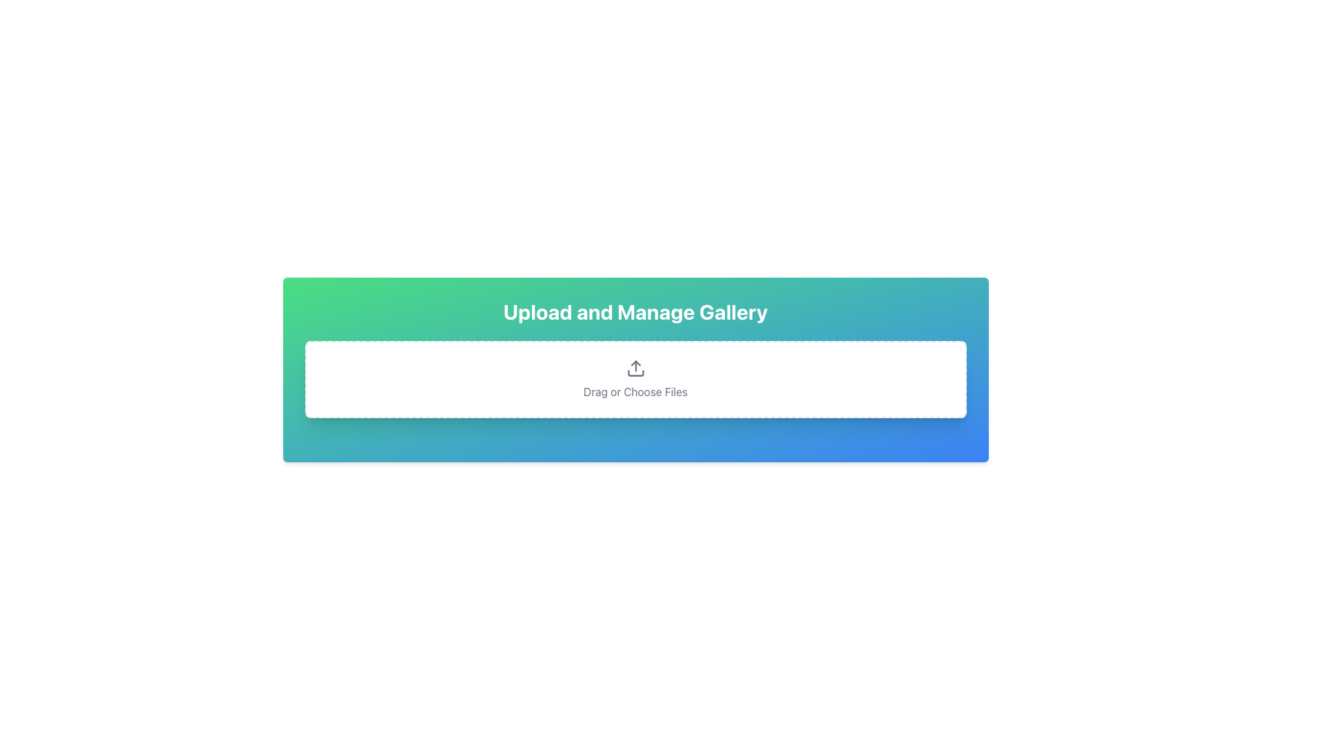  Describe the element at coordinates (635, 380) in the screenshot. I see `and drop files into the drag-and-drop file upload zone located below the 'Upload and Manage Gallery' text` at that location.